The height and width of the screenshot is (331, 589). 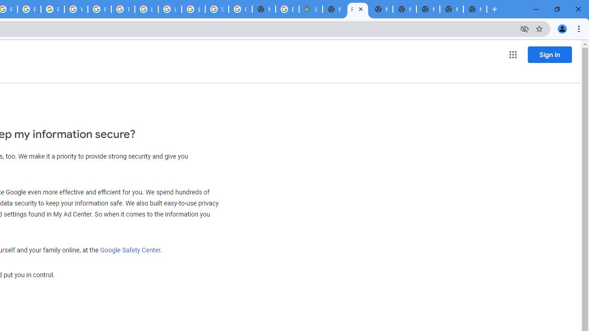 What do you see at coordinates (475, 9) in the screenshot?
I see `'New Tab'` at bounding box center [475, 9].